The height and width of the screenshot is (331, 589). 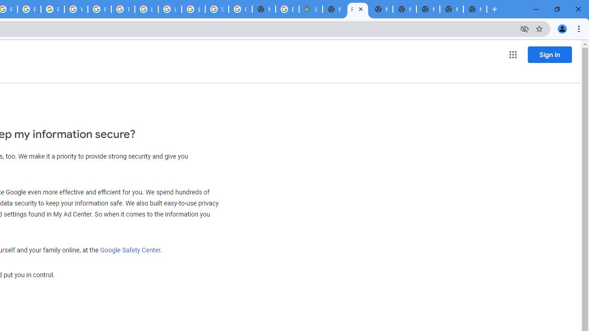 What do you see at coordinates (475, 9) in the screenshot?
I see `'New Tab'` at bounding box center [475, 9].